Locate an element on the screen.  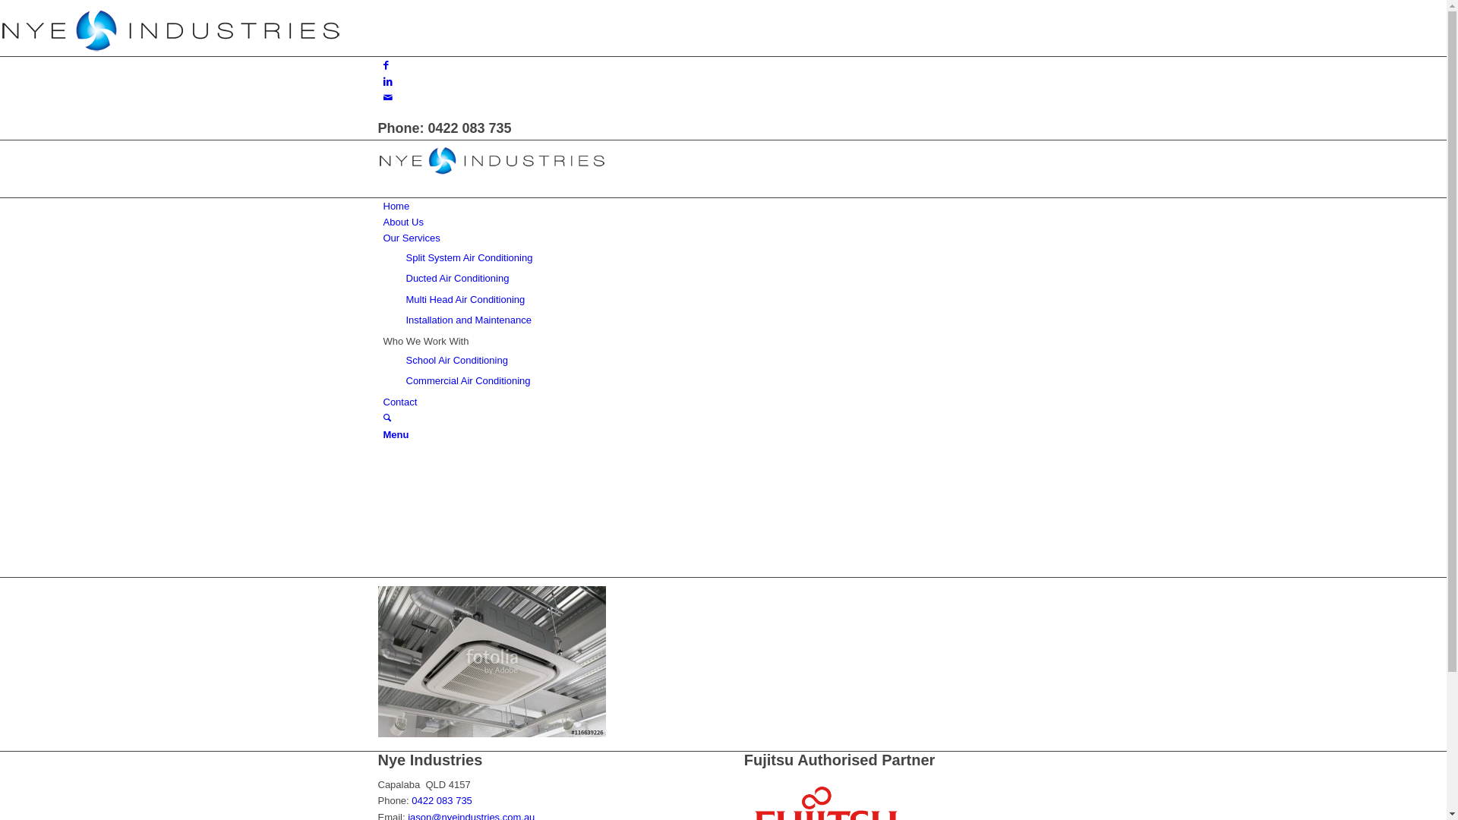
'Commercial Air Conditioning' is located at coordinates (466, 380).